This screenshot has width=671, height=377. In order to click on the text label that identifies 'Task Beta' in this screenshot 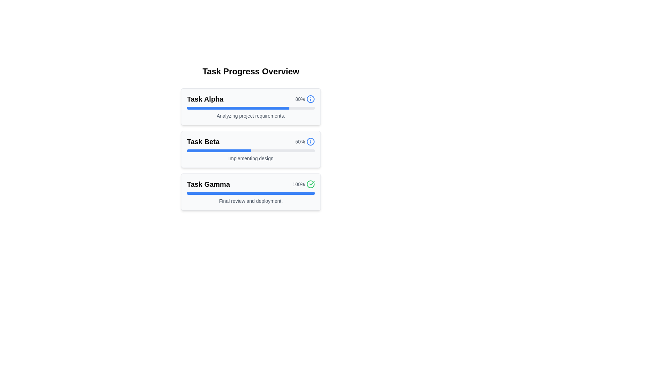, I will do `click(203, 141)`.